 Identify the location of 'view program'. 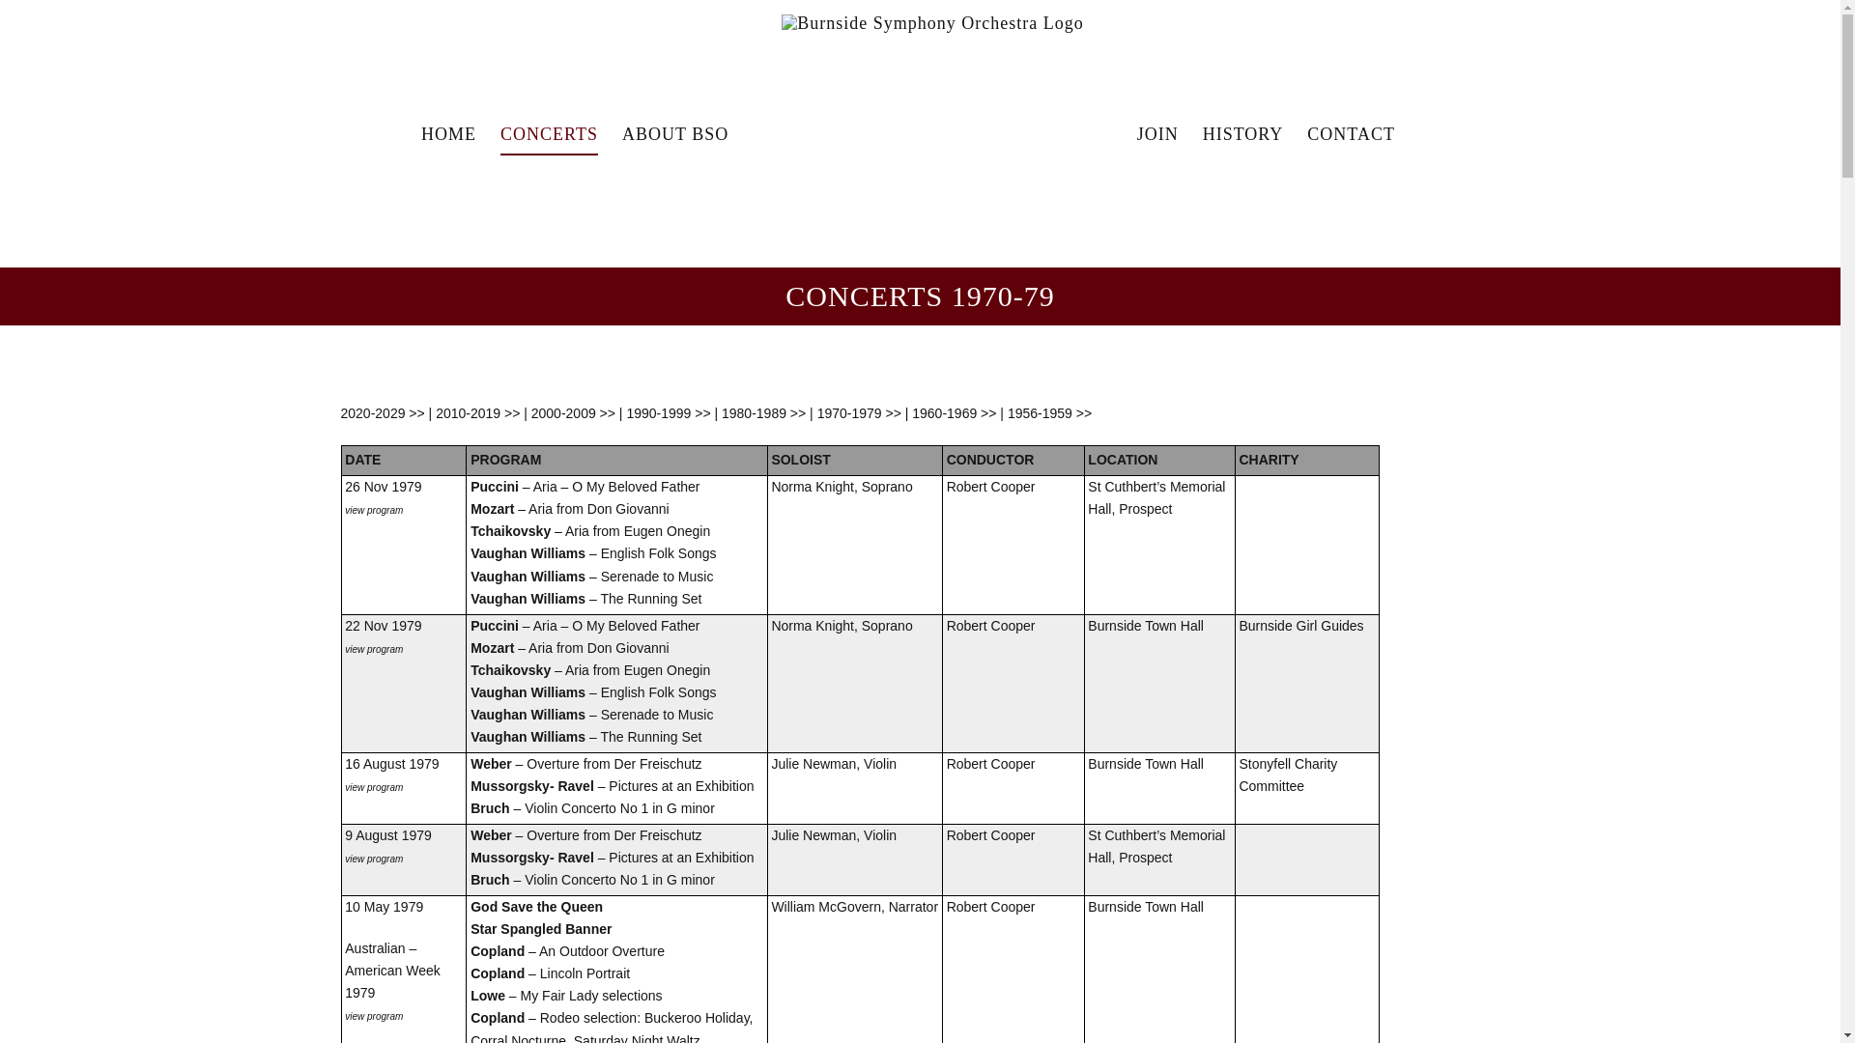
(374, 648).